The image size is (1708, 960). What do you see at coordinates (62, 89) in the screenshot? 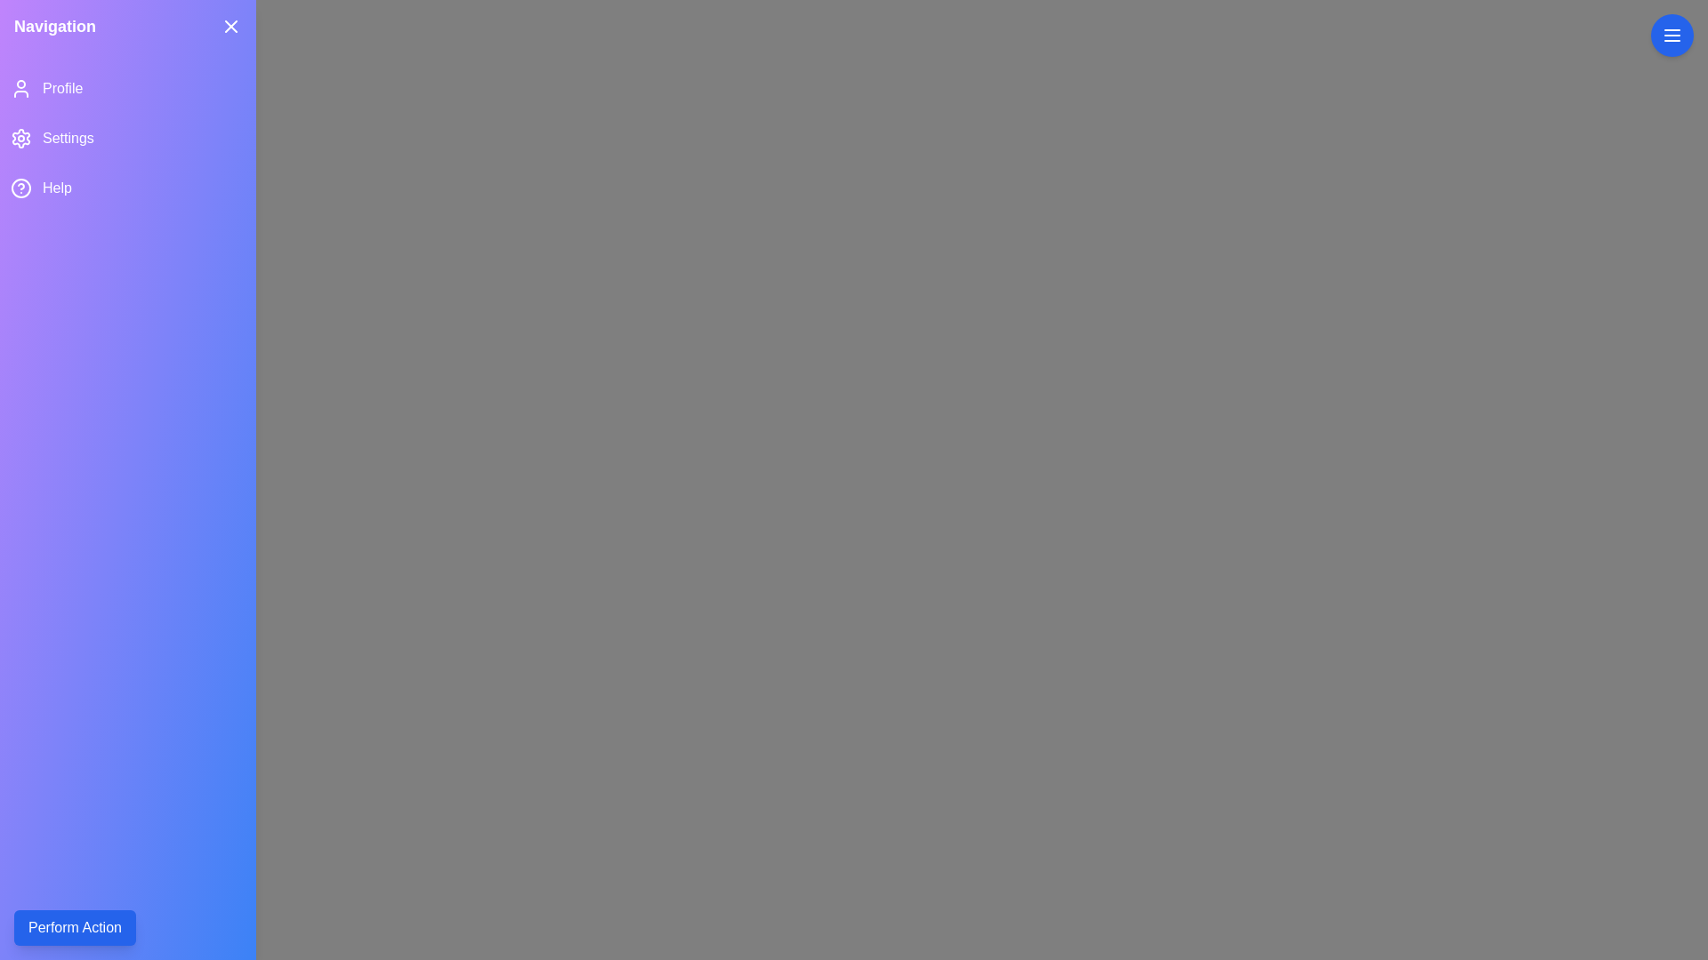
I see `the 'Profile' text label or hyperlink to trigger a tooltip or highlight effect` at bounding box center [62, 89].